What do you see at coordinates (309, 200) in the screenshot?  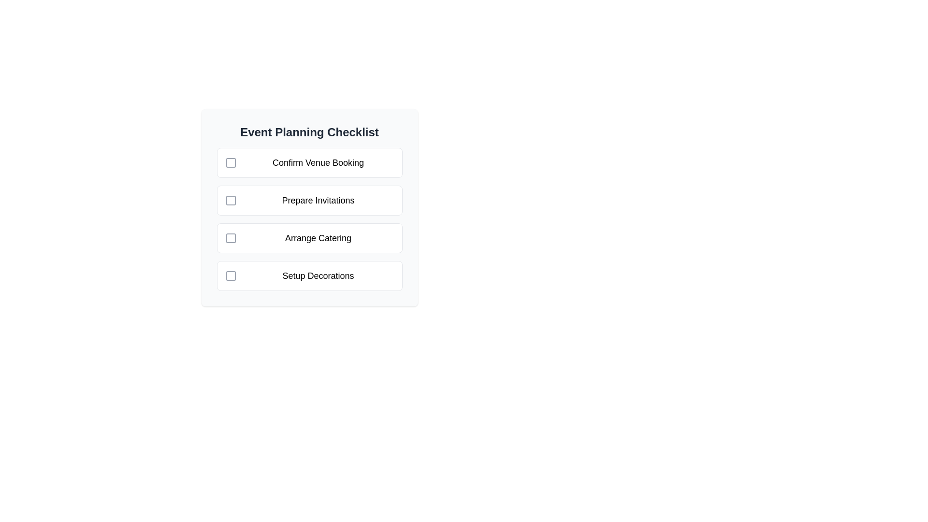 I see `the 'Prepare Invitations.' checklist item` at bounding box center [309, 200].